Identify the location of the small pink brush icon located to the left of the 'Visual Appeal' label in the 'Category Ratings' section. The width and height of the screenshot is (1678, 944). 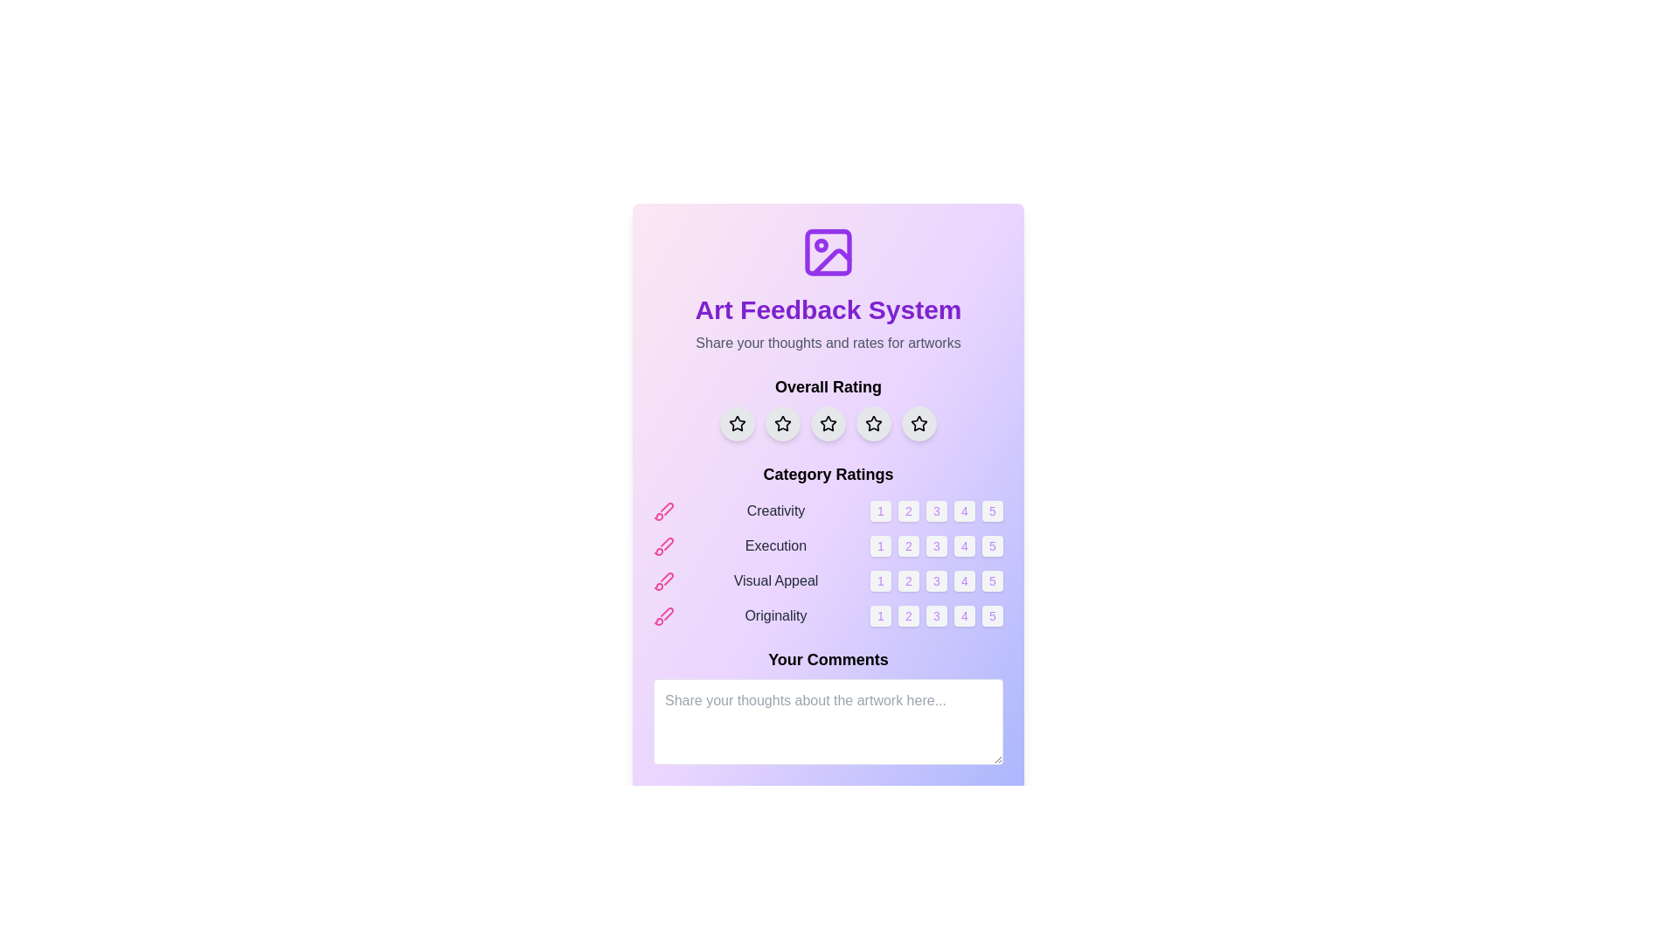
(666, 579).